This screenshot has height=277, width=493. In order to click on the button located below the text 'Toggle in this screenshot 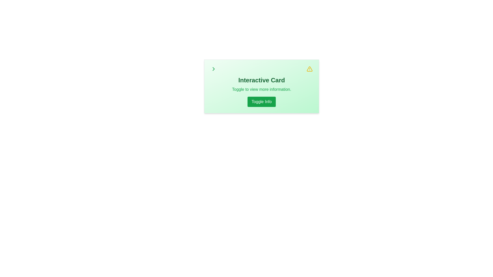, I will do `click(261, 102)`.